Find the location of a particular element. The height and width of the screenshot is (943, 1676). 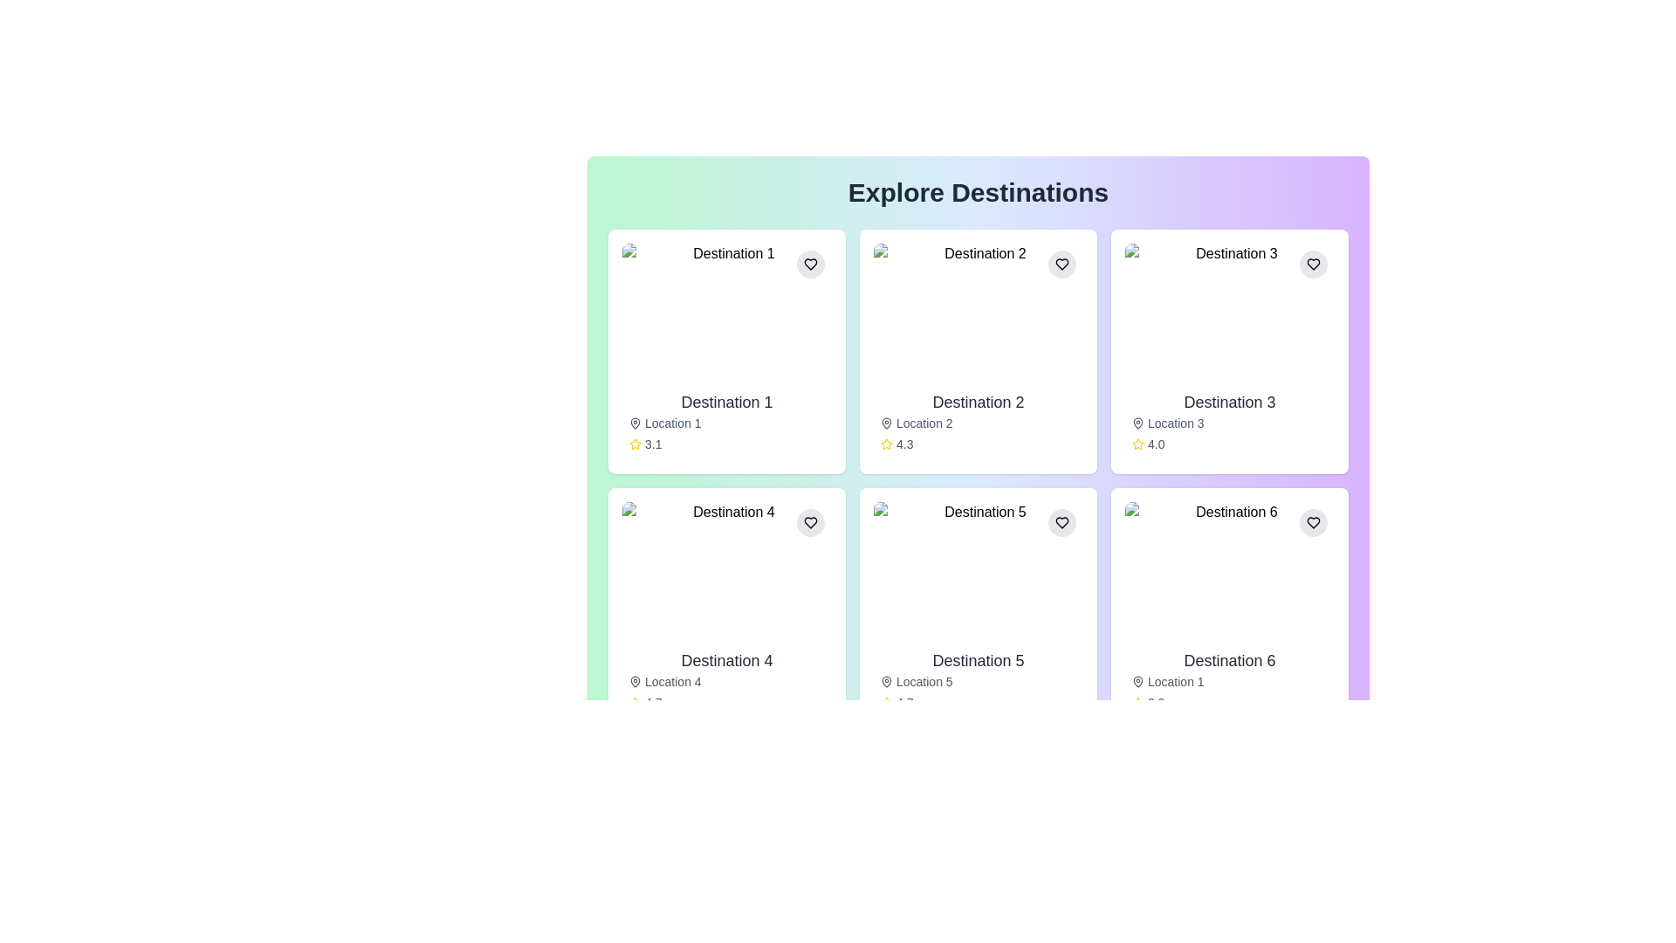

the heart-shaped icon used for saving or liking content, located in the top-right section of the card labeled 'Destination 3' is located at coordinates (1314, 265).